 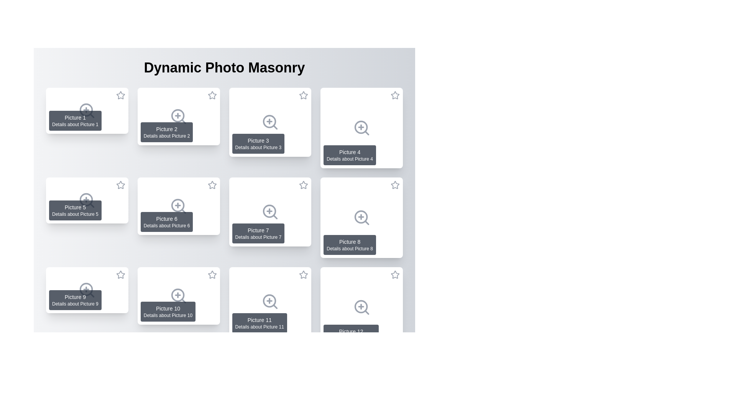 What do you see at coordinates (270, 122) in the screenshot?
I see `the card containing the magnifying glass icon located within the third card titled 'Picture 3', which is centrally positioned above the textual description` at bounding box center [270, 122].